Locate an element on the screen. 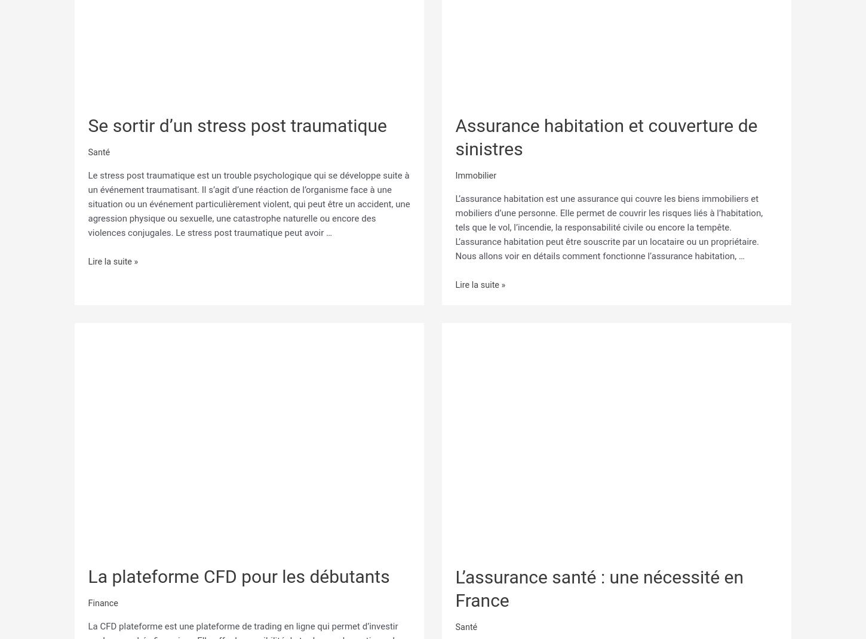 Image resolution: width=866 pixels, height=639 pixels. 'Assurance habitation et couverture de sinistres' is located at coordinates (455, 136).